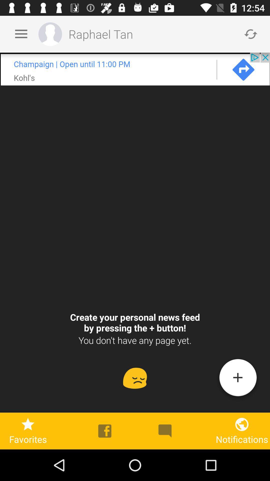 The image size is (270, 481). What do you see at coordinates (237, 380) in the screenshot?
I see `the add icon` at bounding box center [237, 380].